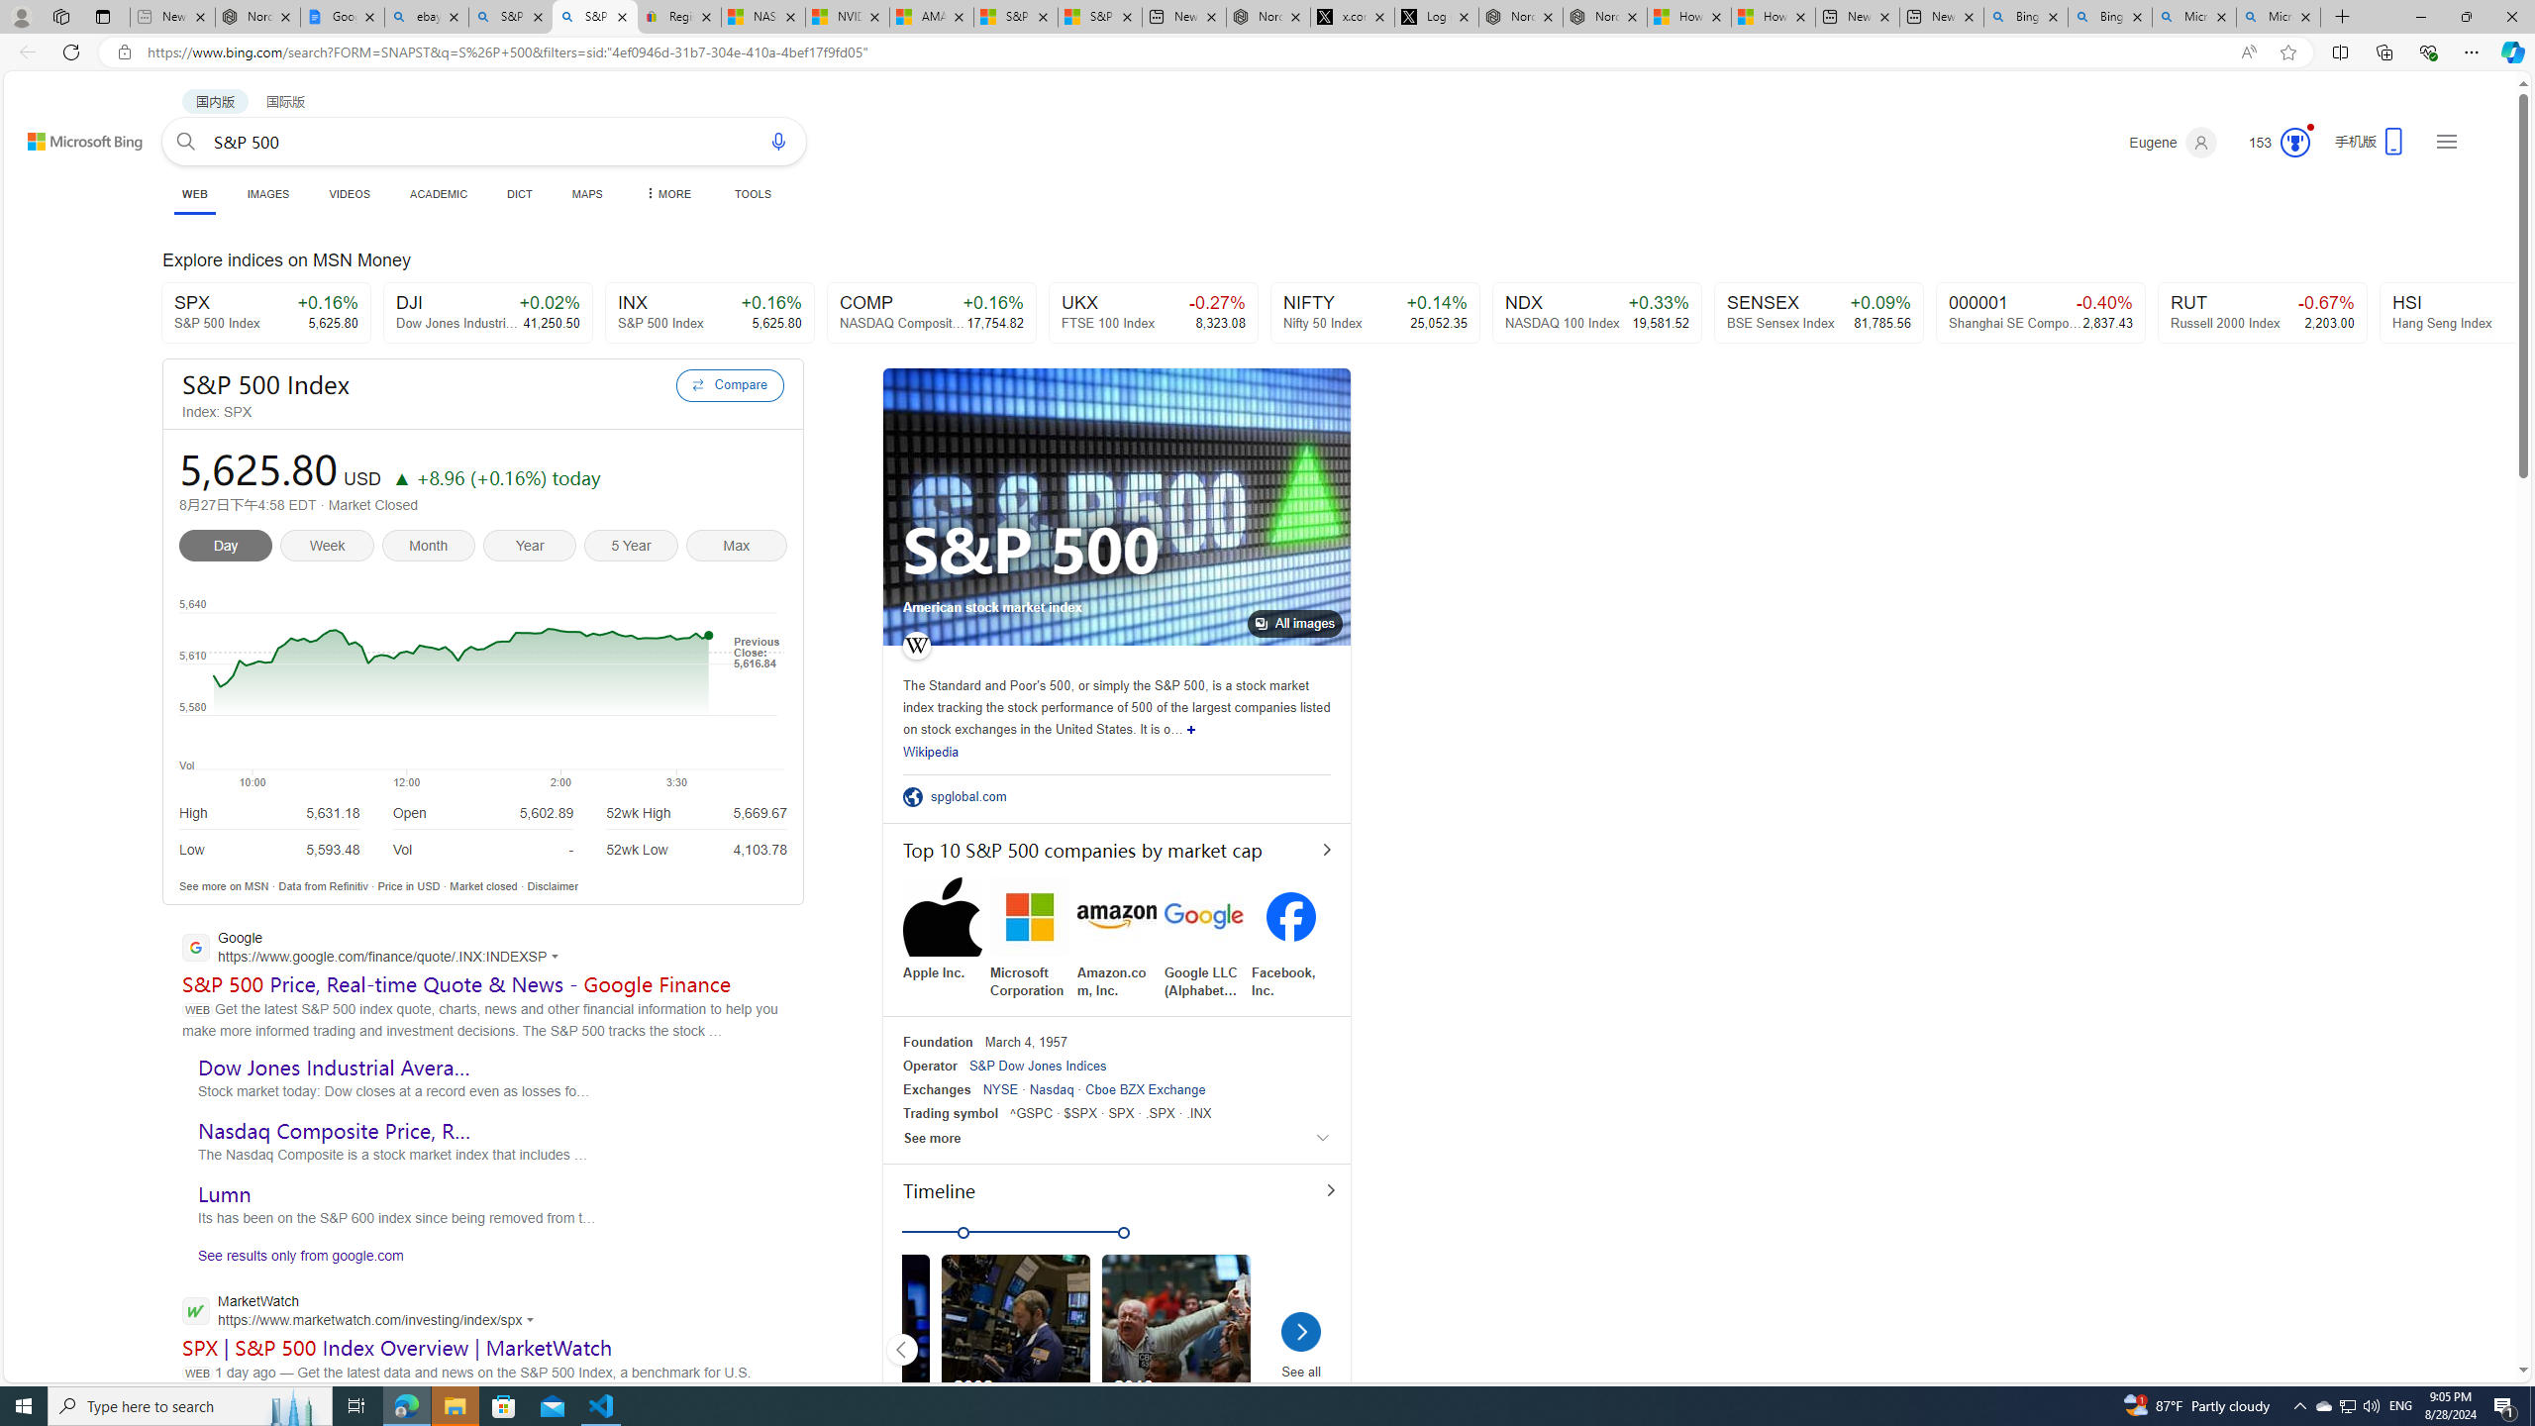  Describe the element at coordinates (585, 193) in the screenshot. I see `'MAPS'` at that location.